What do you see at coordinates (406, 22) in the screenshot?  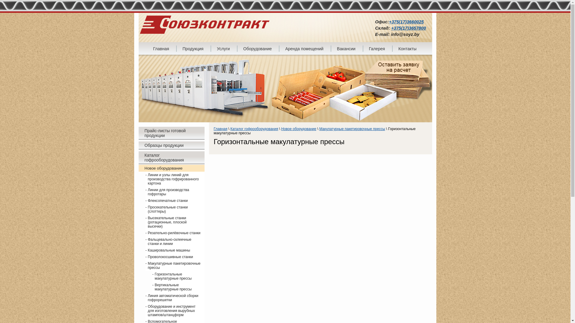 I see `'+375(17)3660025'` at bounding box center [406, 22].